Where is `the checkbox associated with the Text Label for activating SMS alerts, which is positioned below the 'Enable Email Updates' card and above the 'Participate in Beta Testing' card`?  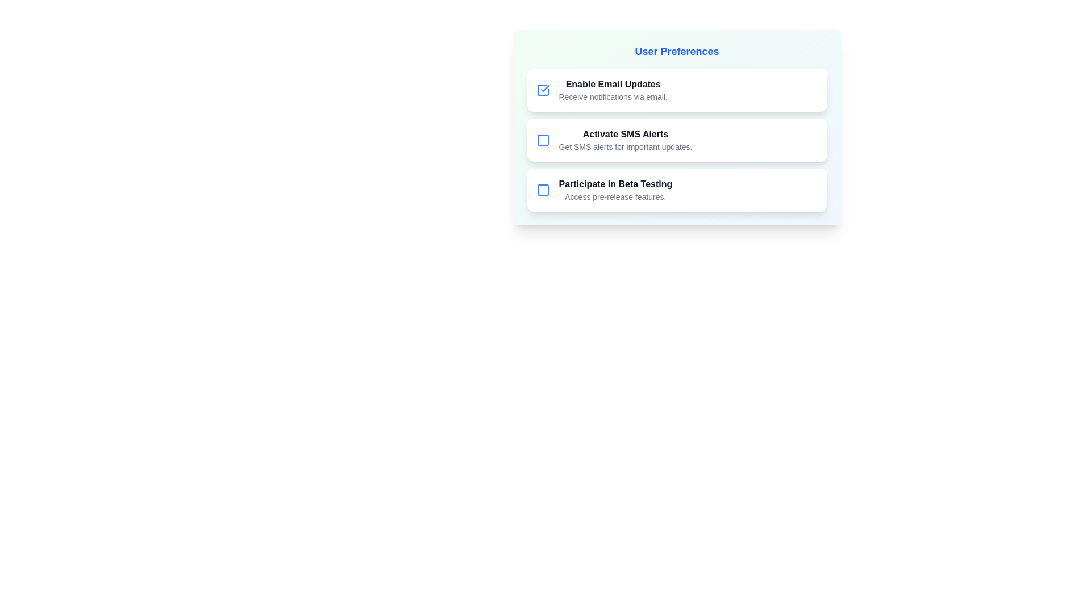 the checkbox associated with the Text Label for activating SMS alerts, which is positioned below the 'Enable Email Updates' card and above the 'Participate in Beta Testing' card is located at coordinates (624, 139).